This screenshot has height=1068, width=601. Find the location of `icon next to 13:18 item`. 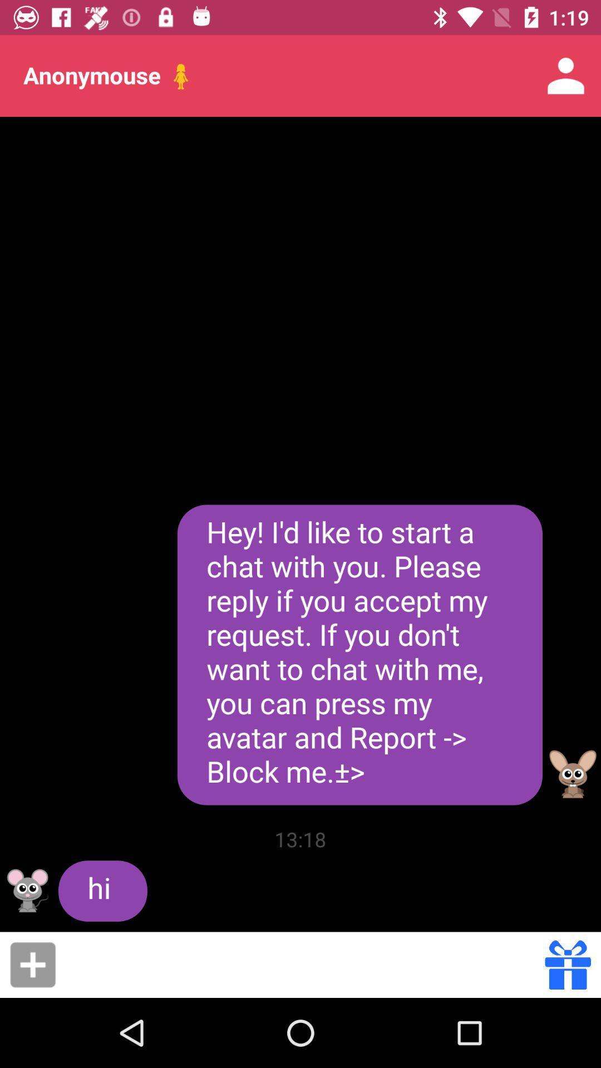

icon next to 13:18 item is located at coordinates (102, 891).